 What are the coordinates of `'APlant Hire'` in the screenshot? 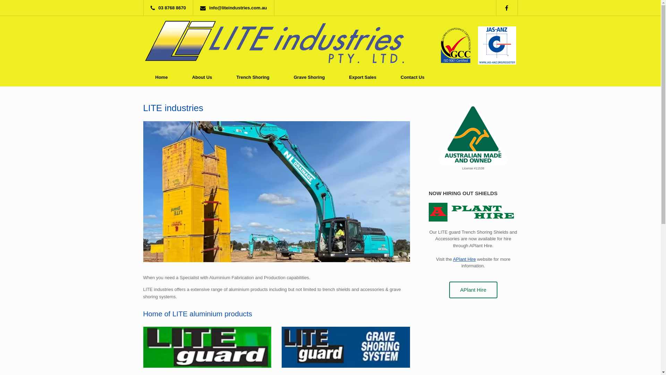 It's located at (464, 259).